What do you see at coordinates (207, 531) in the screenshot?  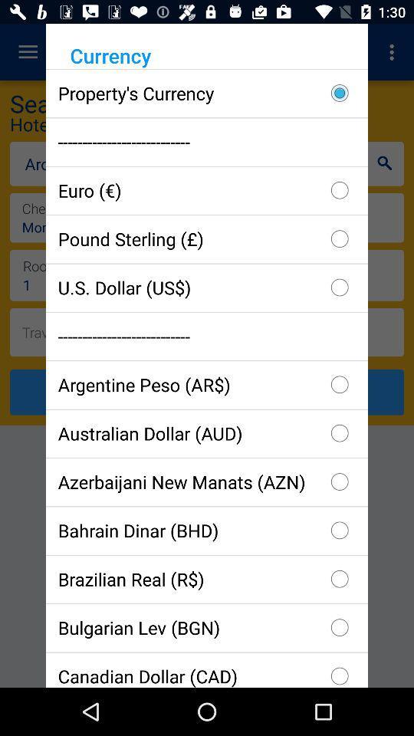 I see `checkbox above the brazilian real (r$) icon` at bounding box center [207, 531].